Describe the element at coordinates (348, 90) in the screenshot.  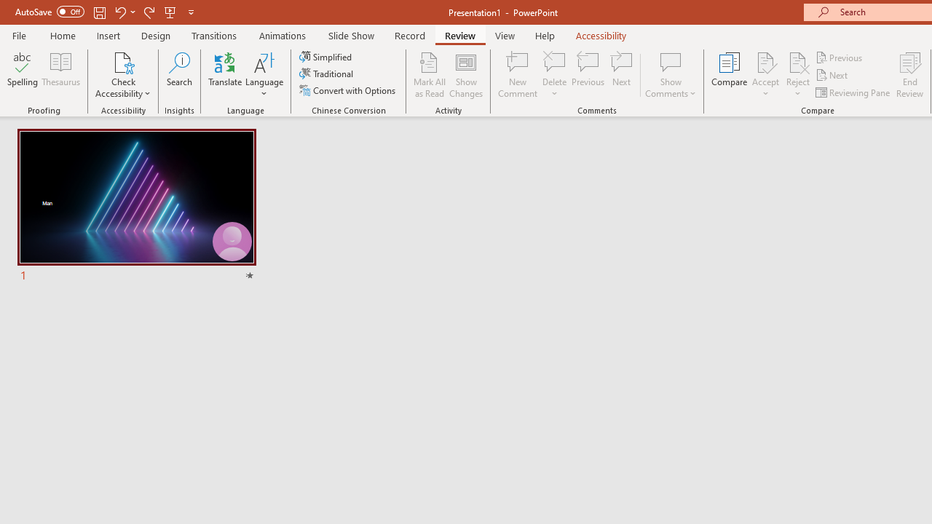
I see `'Convert with Options...'` at that location.